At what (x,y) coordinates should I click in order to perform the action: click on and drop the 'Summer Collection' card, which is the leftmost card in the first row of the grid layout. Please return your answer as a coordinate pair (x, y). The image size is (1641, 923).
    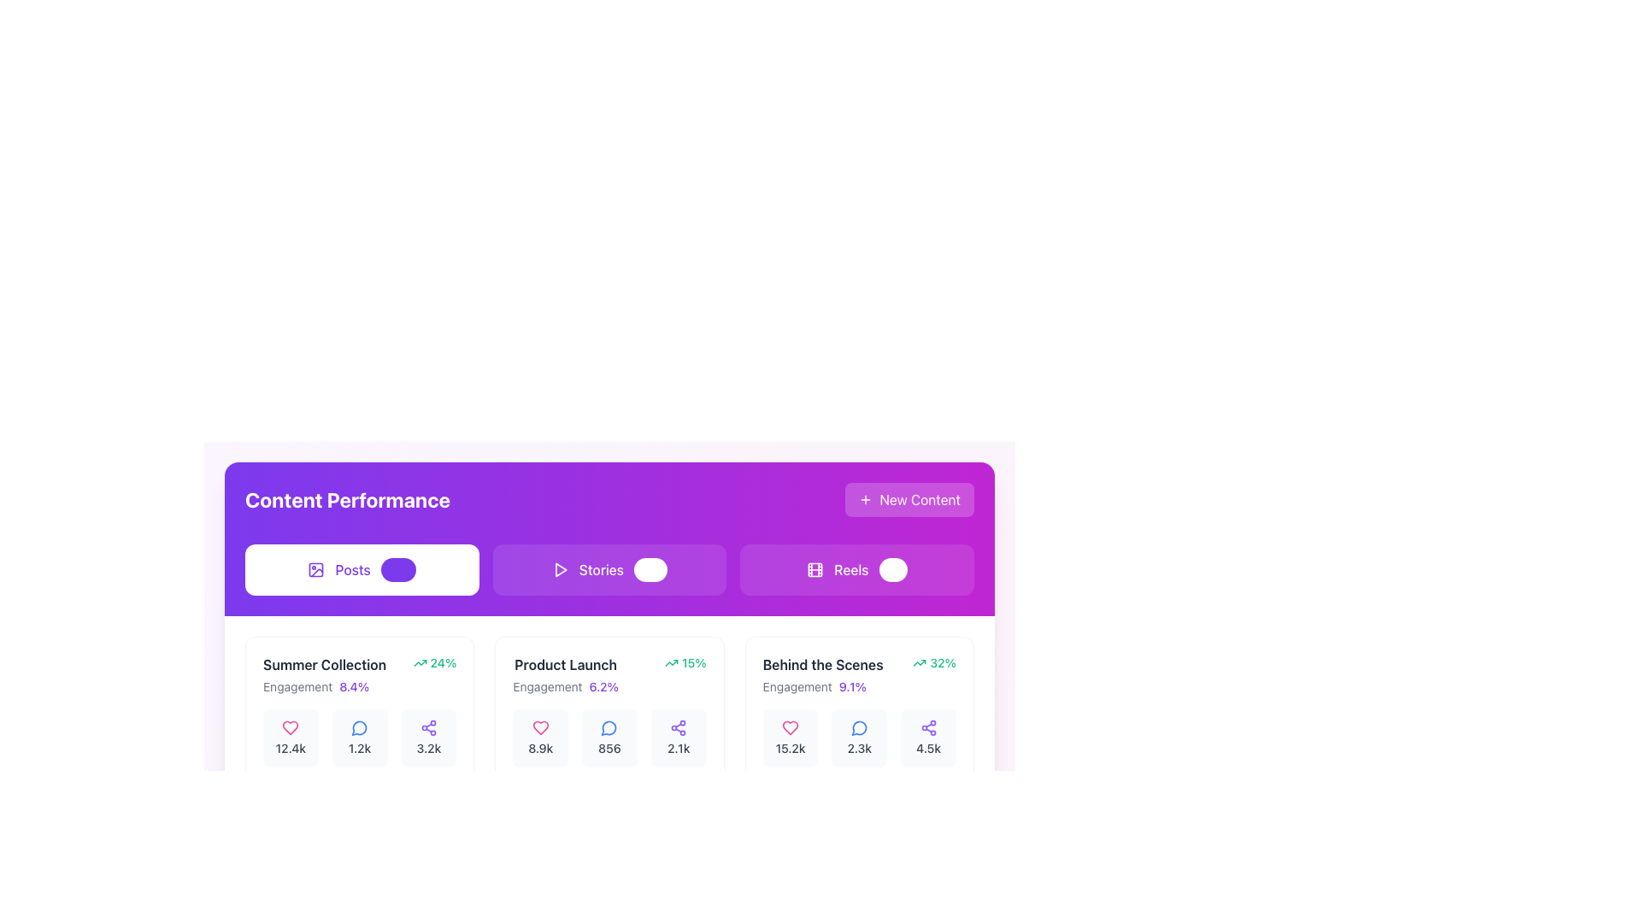
    Looking at the image, I should click on (359, 718).